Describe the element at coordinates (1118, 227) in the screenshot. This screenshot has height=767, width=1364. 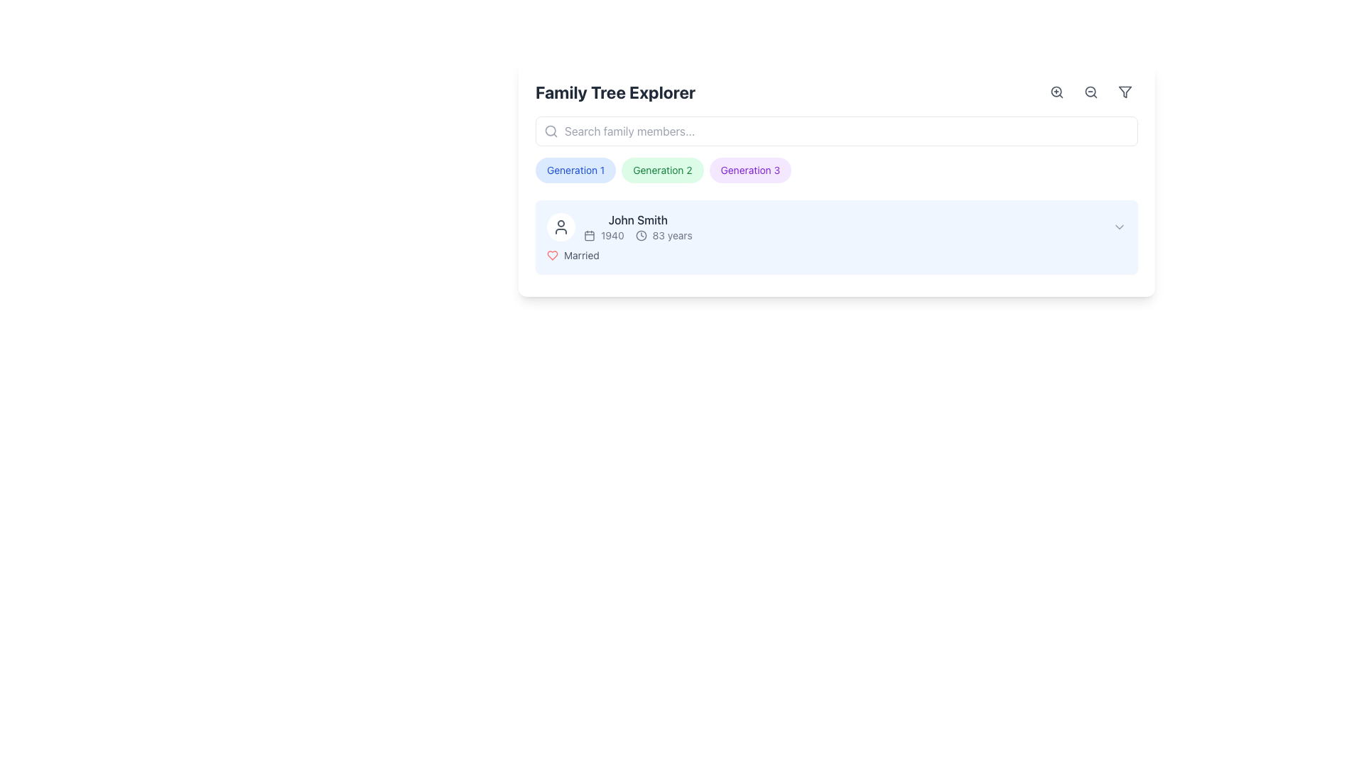
I see `the dropdown toggle icon (Chevron-Down Shape) located at the far-right end of the 'John Smith' entry to highlight it` at that location.